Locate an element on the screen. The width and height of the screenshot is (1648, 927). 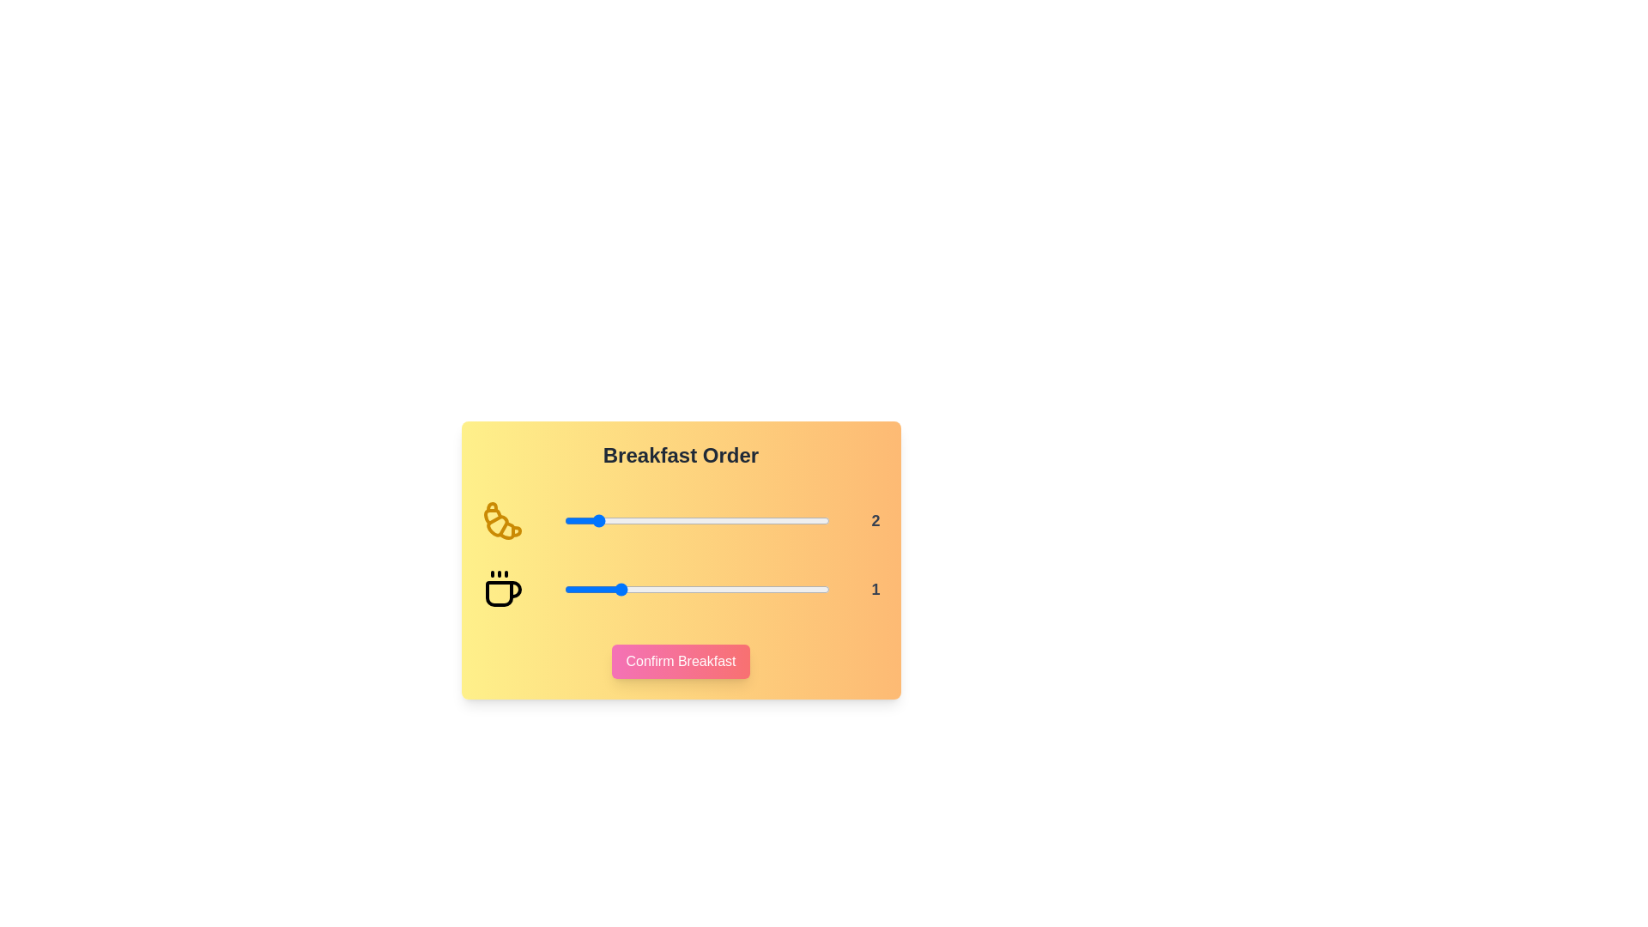
the coffee quantity to 1 using the slider is located at coordinates (617, 588).